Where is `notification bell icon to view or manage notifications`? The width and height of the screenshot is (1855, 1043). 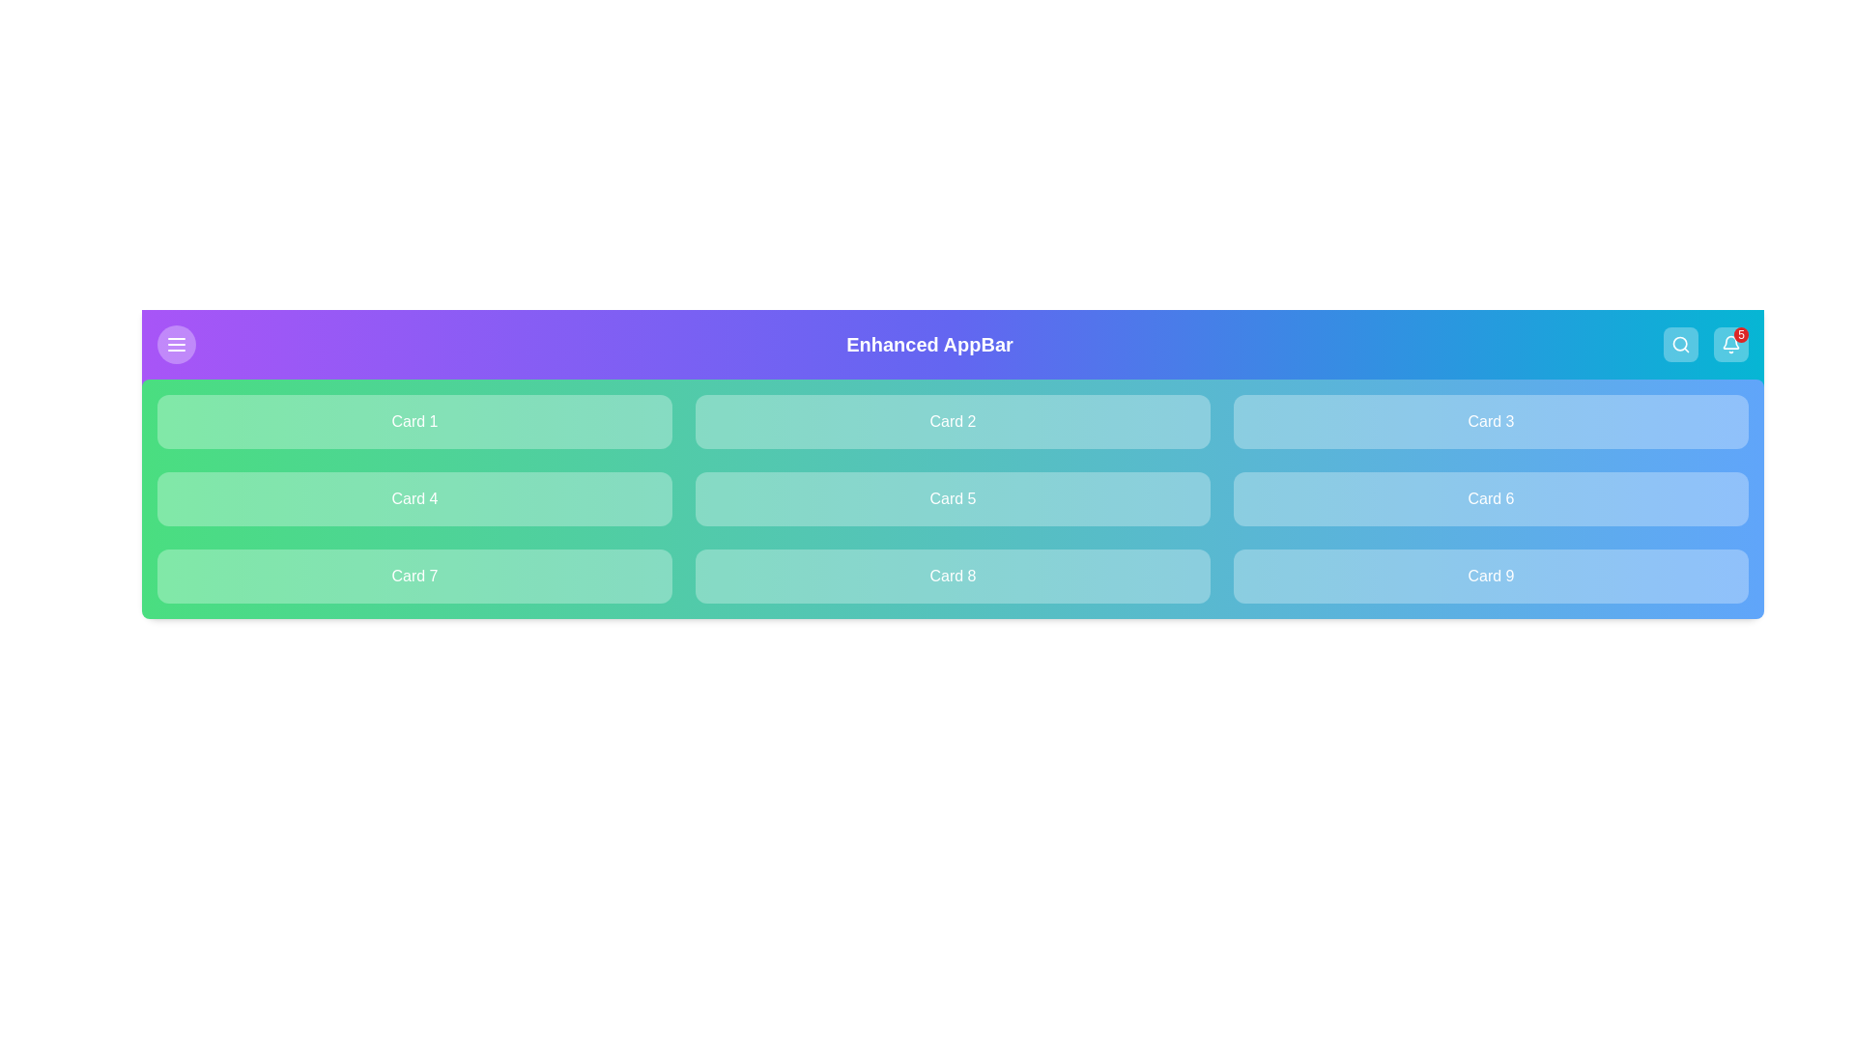 notification bell icon to view or manage notifications is located at coordinates (1730, 344).